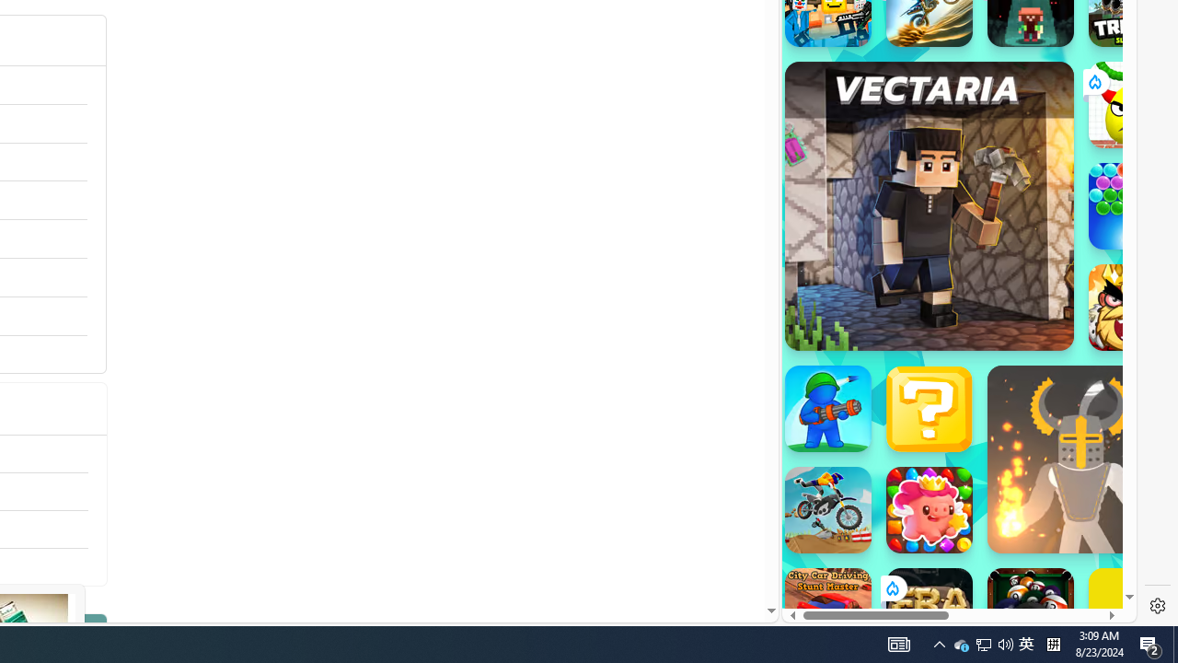 The image size is (1178, 663). What do you see at coordinates (929, 510) in the screenshot?
I see `'Match Arena'` at bounding box center [929, 510].